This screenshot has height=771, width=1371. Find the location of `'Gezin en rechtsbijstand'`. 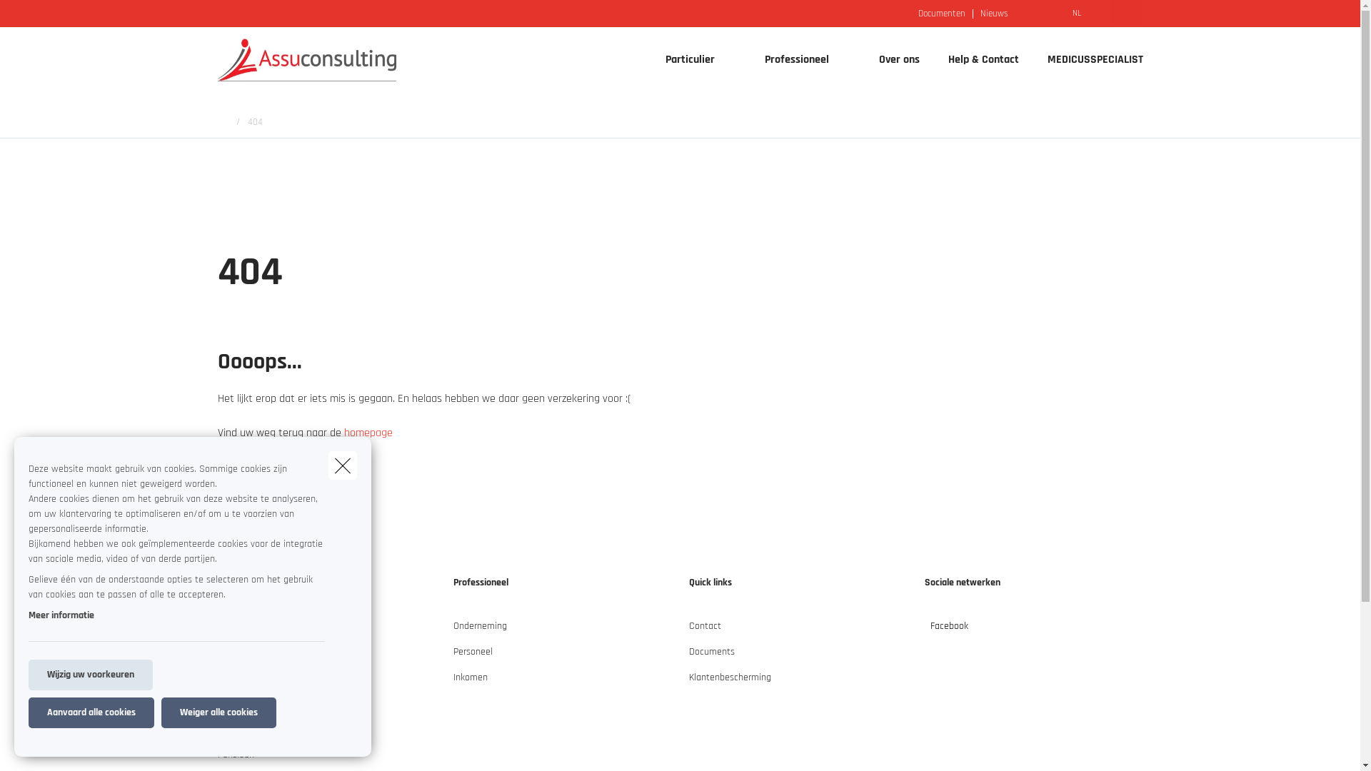

'Gezin en rechtsbijstand' is located at coordinates (264, 682).